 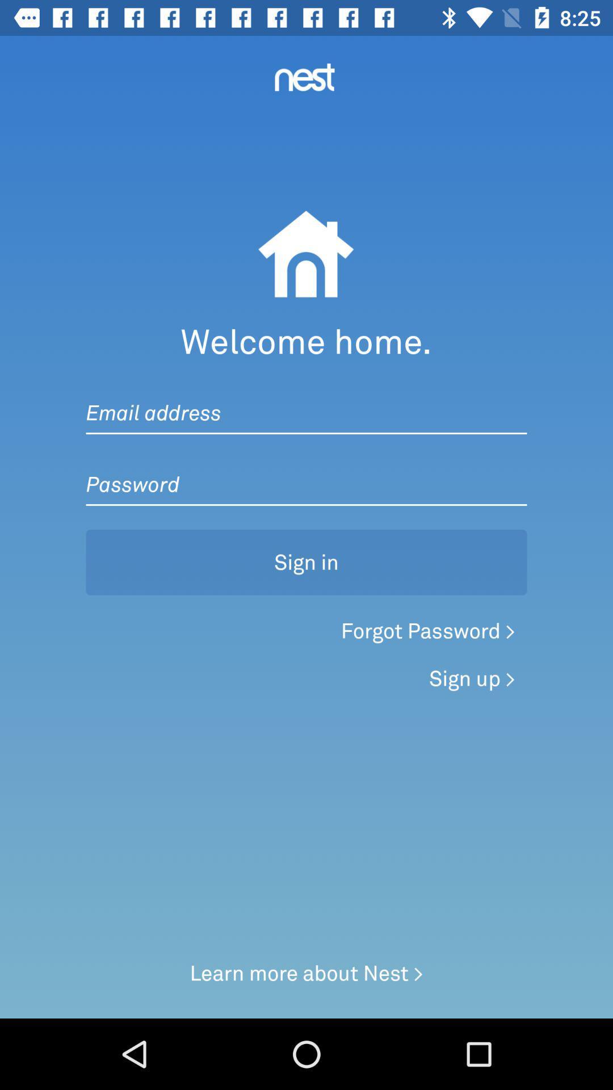 What do you see at coordinates (428, 630) in the screenshot?
I see `the item below sign in` at bounding box center [428, 630].